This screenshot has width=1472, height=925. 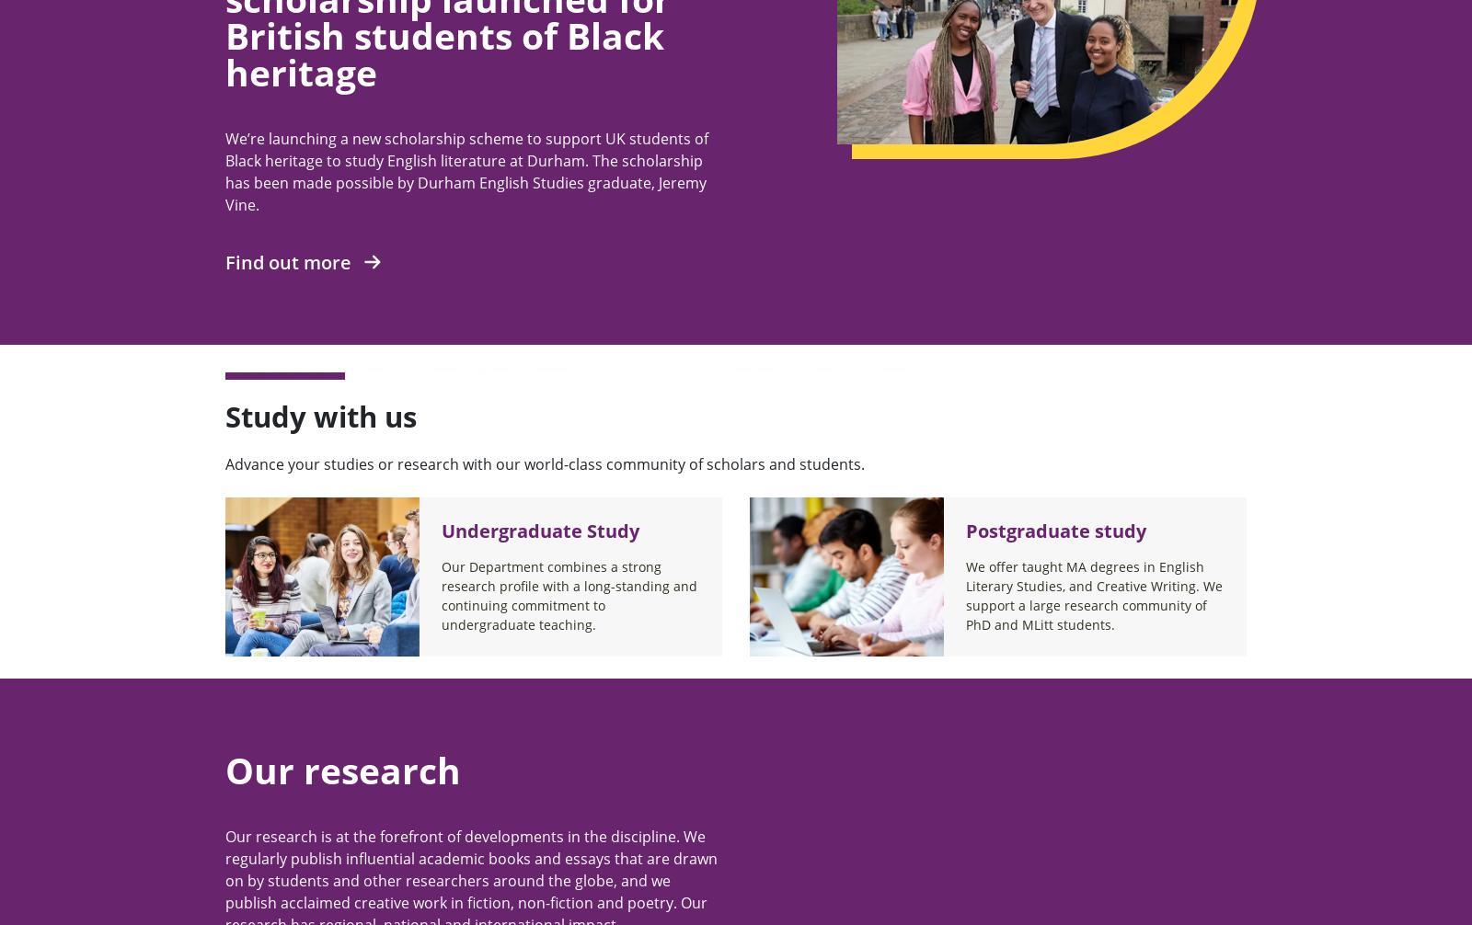 What do you see at coordinates (886, 339) in the screenshot?
I see `'Disclaimer'` at bounding box center [886, 339].